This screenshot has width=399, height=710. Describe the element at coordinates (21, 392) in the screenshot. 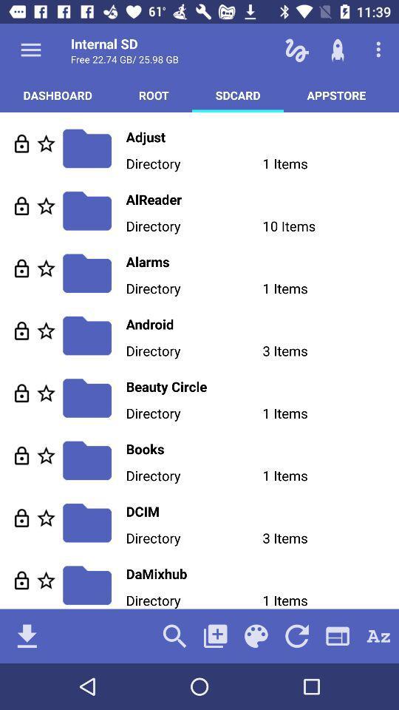

I see `go do lacke` at that location.